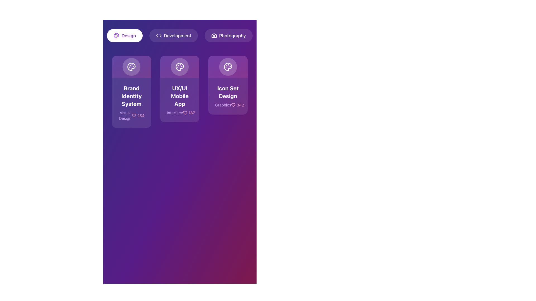 Image resolution: width=536 pixels, height=301 pixels. What do you see at coordinates (192, 113) in the screenshot?
I see `the text label displaying the number '187', which is styled in light pink and located next to a heart icon within the 'UX/UI Mobile App' card` at bounding box center [192, 113].